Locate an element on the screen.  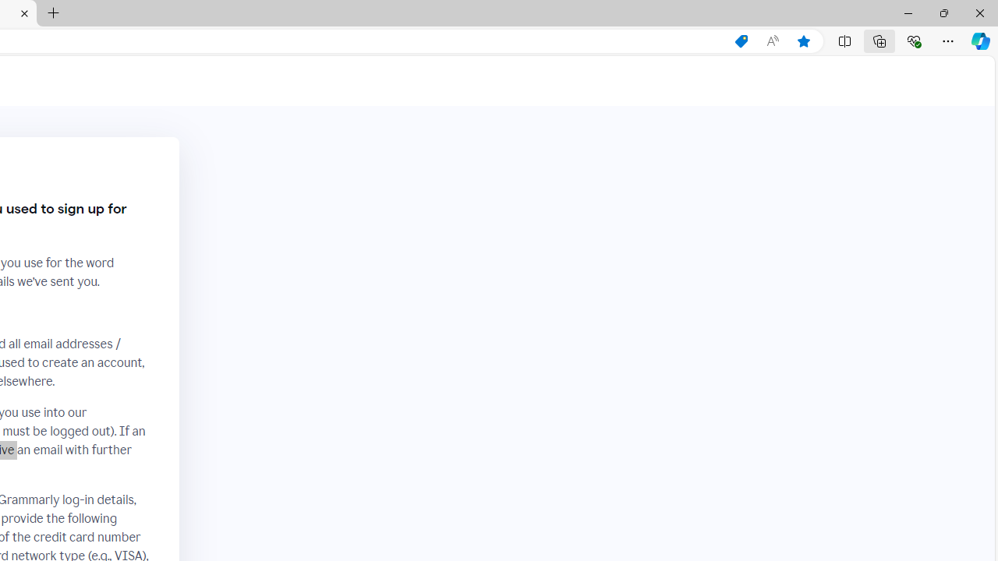
'Shopping in Microsoft Edge' is located at coordinates (741, 41).